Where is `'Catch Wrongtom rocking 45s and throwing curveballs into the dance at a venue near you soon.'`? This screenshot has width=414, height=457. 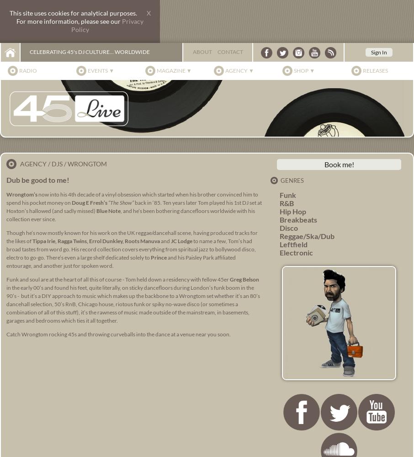 'Catch Wrongtom rocking 45s and throwing curveballs into the dance at a venue near you soon.' is located at coordinates (118, 334).